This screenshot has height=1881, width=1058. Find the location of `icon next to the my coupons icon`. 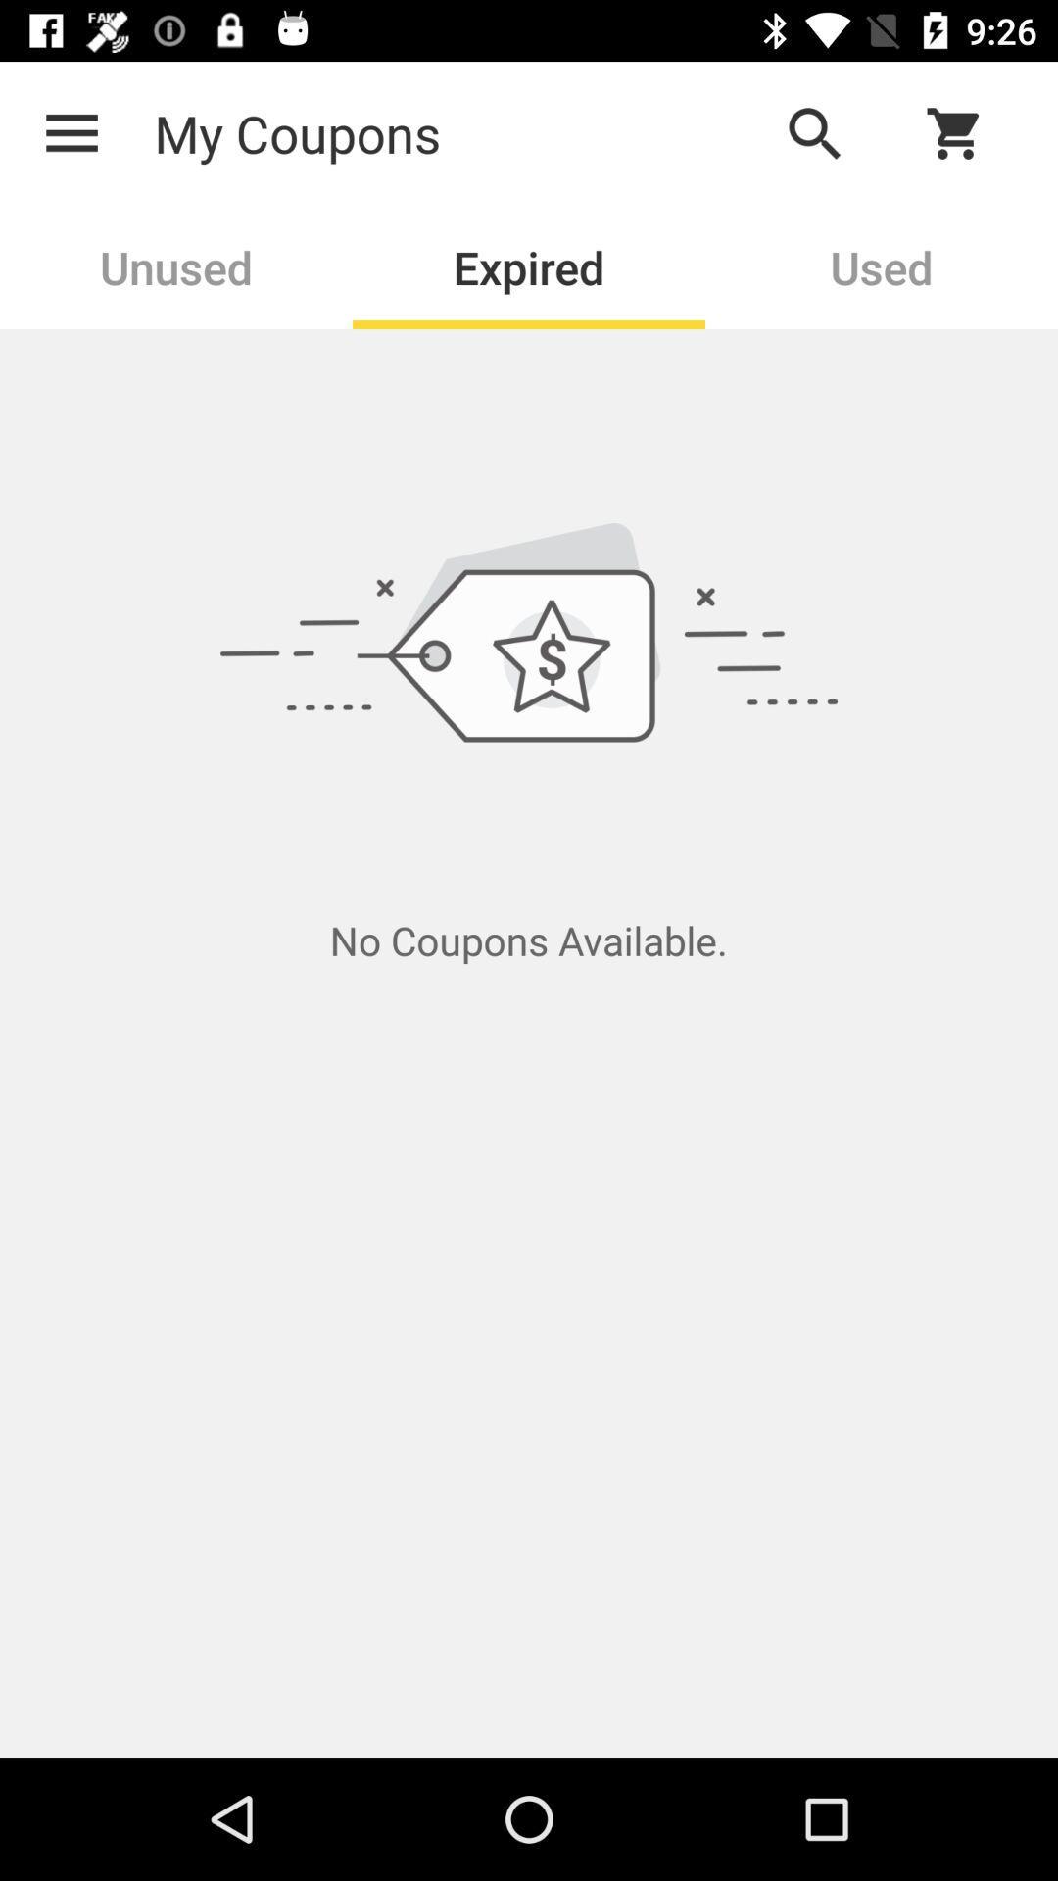

icon next to the my coupons icon is located at coordinates (71, 132).